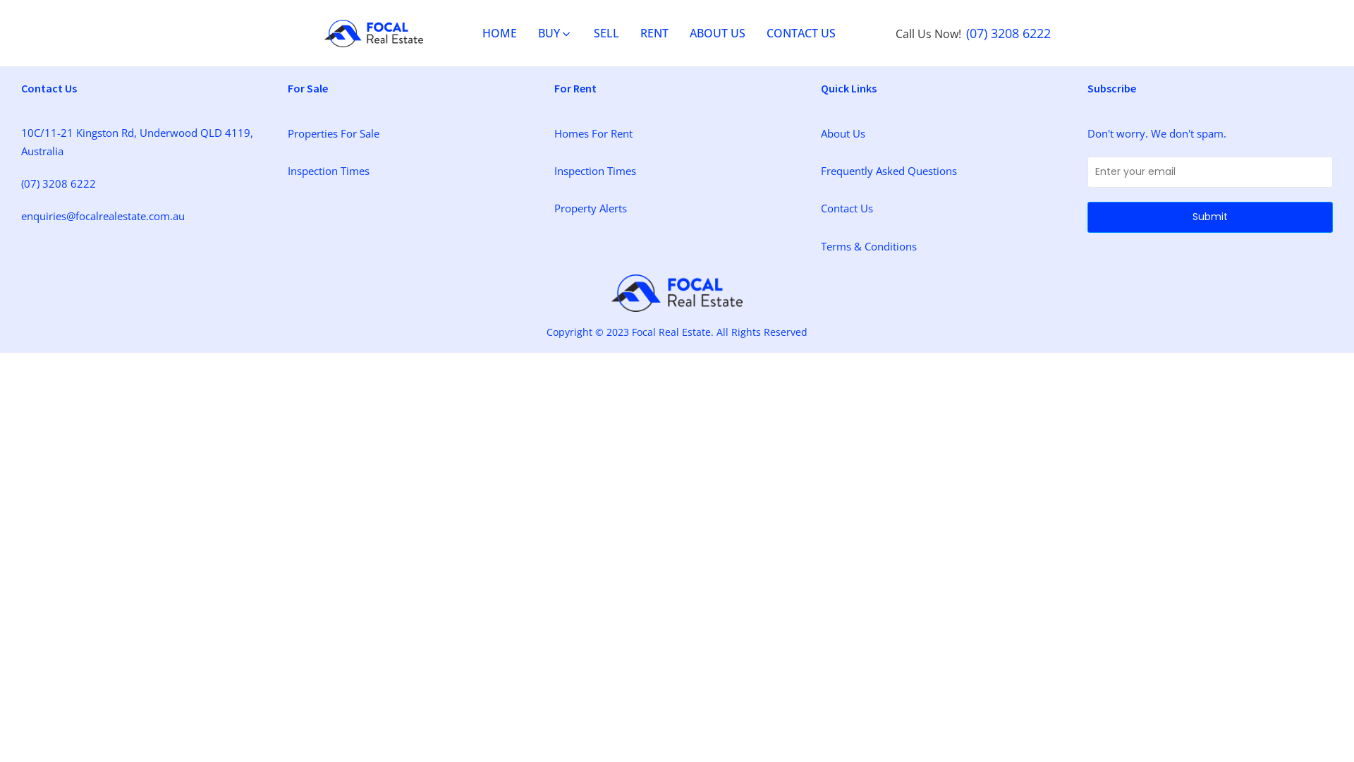  Describe the element at coordinates (653, 32) in the screenshot. I see `'RENT'` at that location.